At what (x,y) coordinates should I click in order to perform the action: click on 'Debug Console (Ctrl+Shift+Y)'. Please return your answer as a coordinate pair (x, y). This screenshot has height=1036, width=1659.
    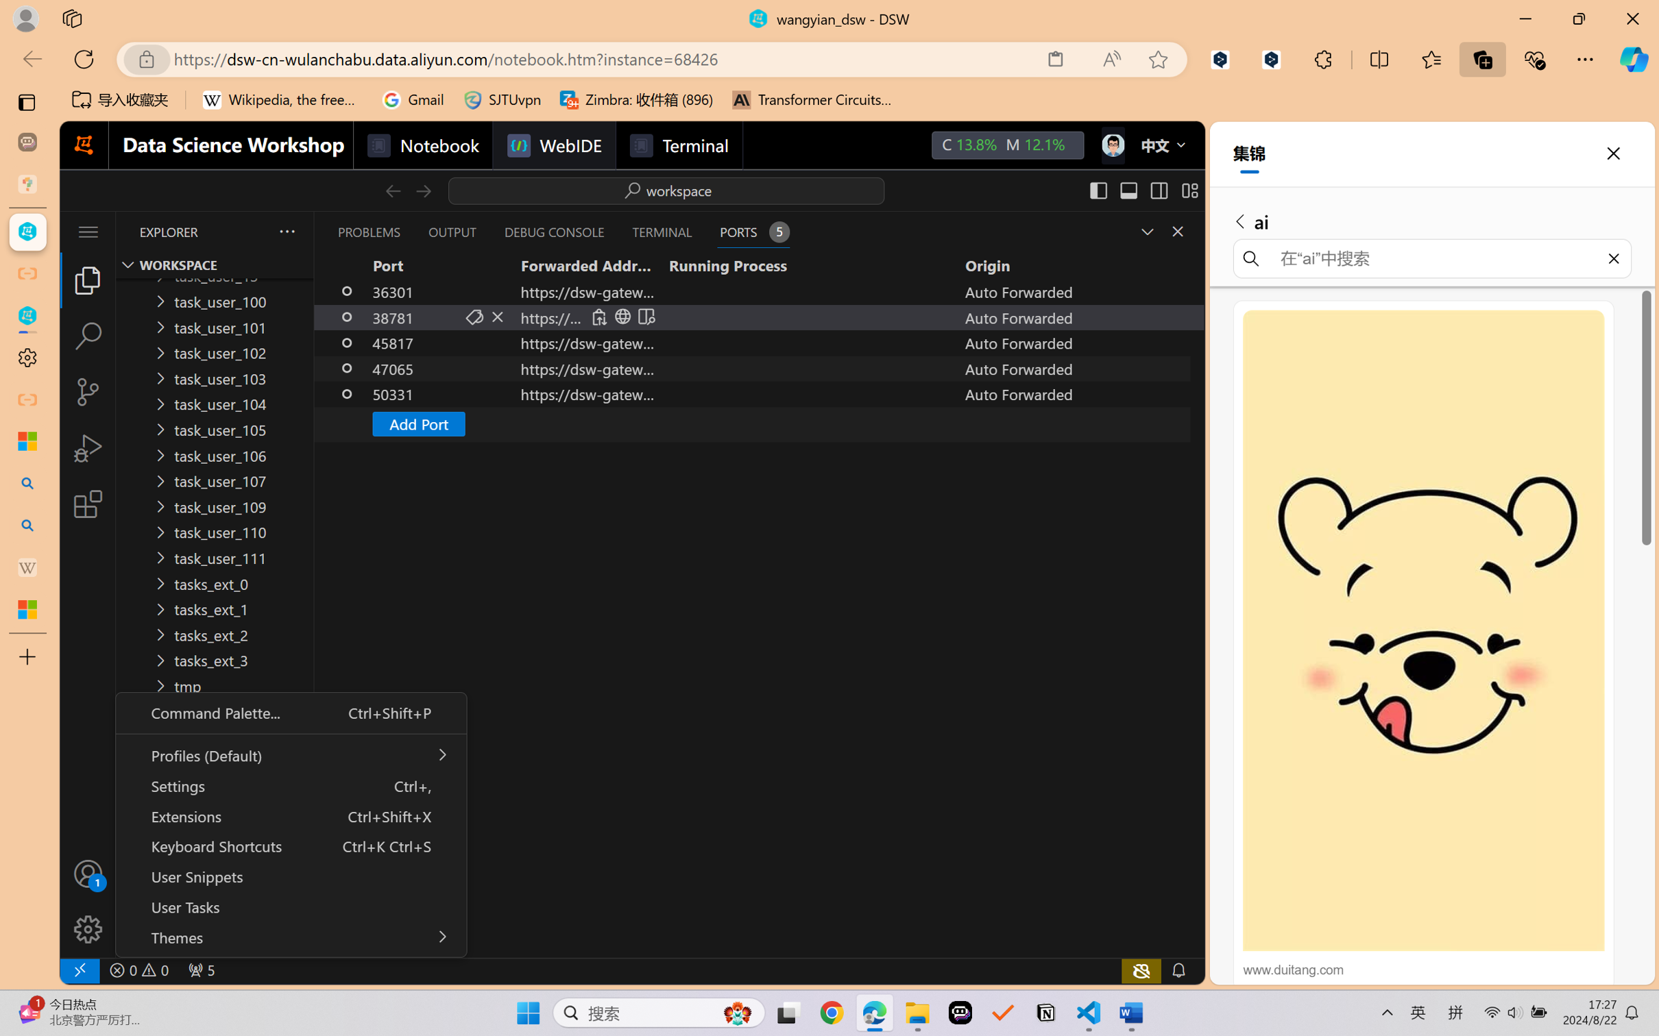
    Looking at the image, I should click on (553, 231).